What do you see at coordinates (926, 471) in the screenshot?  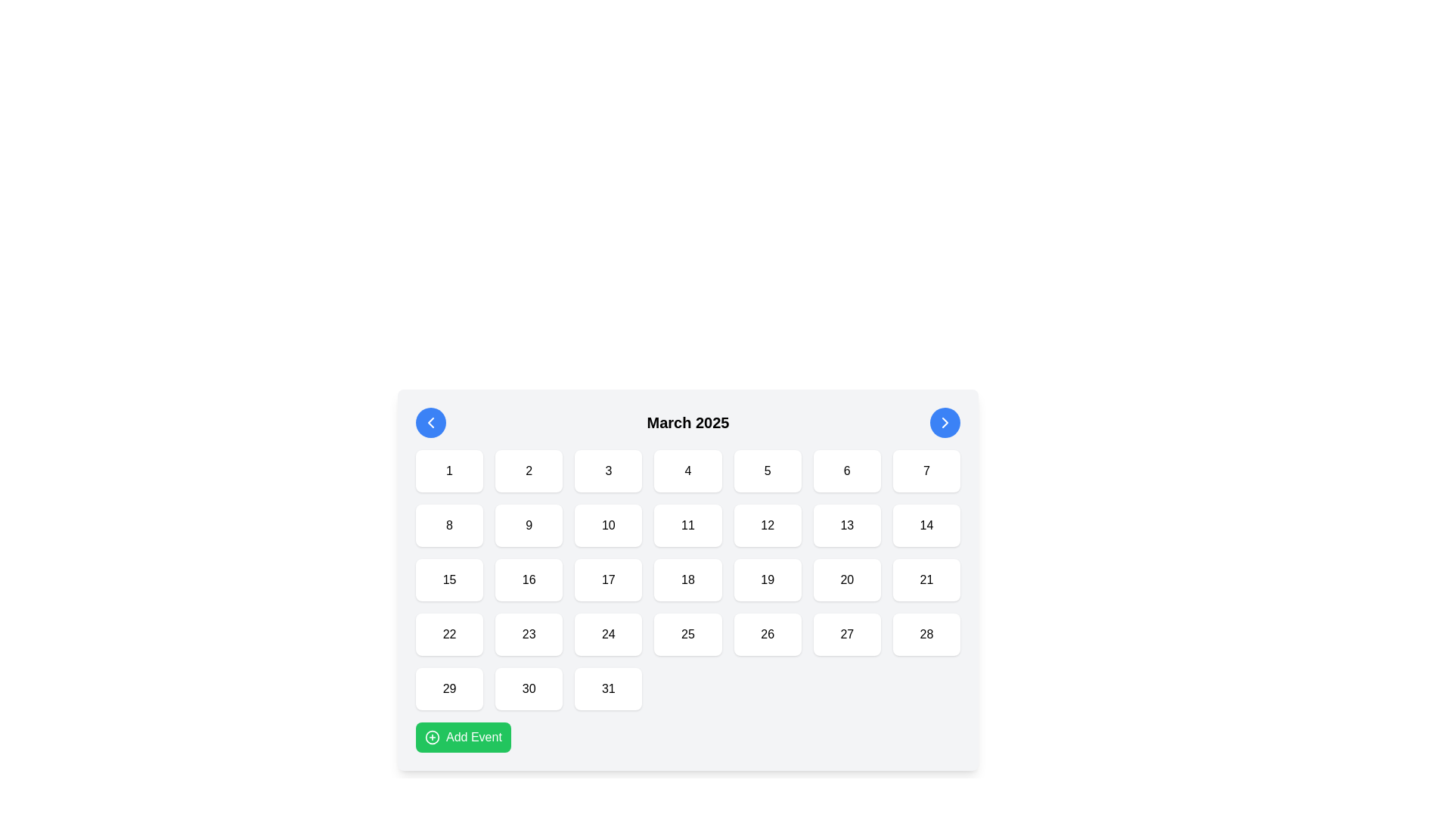 I see `the Calendar day tile displaying the digit '7'` at bounding box center [926, 471].